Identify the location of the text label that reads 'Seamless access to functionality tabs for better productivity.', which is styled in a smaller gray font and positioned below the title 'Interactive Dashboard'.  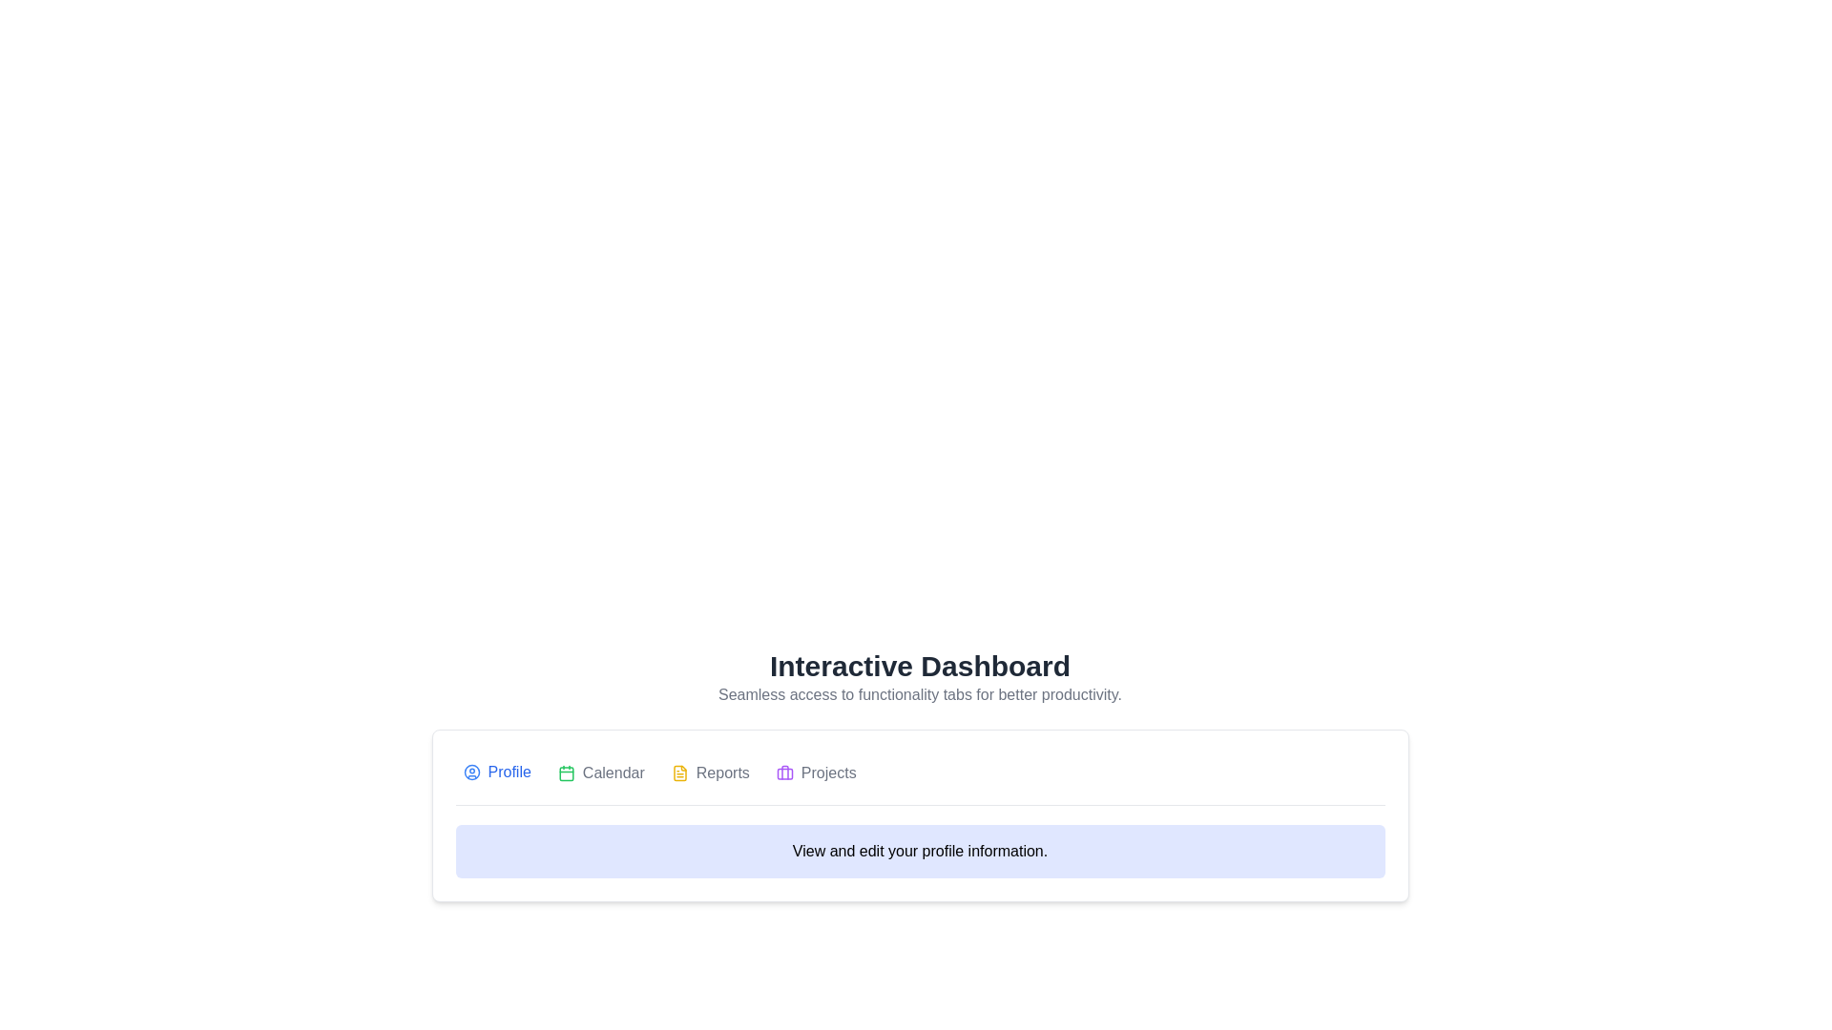
(920, 695).